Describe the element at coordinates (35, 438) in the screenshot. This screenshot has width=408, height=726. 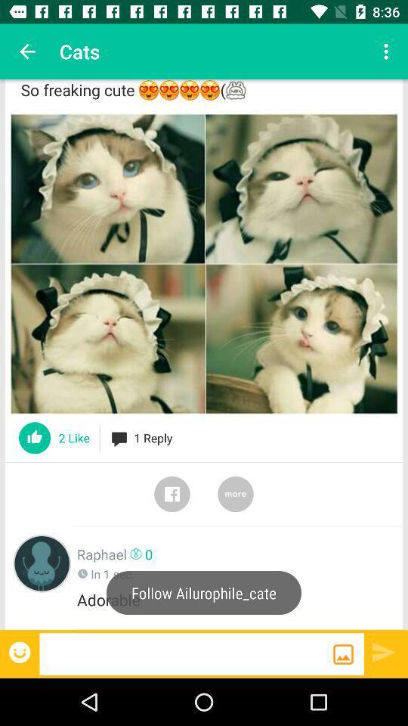
I see `like button` at that location.